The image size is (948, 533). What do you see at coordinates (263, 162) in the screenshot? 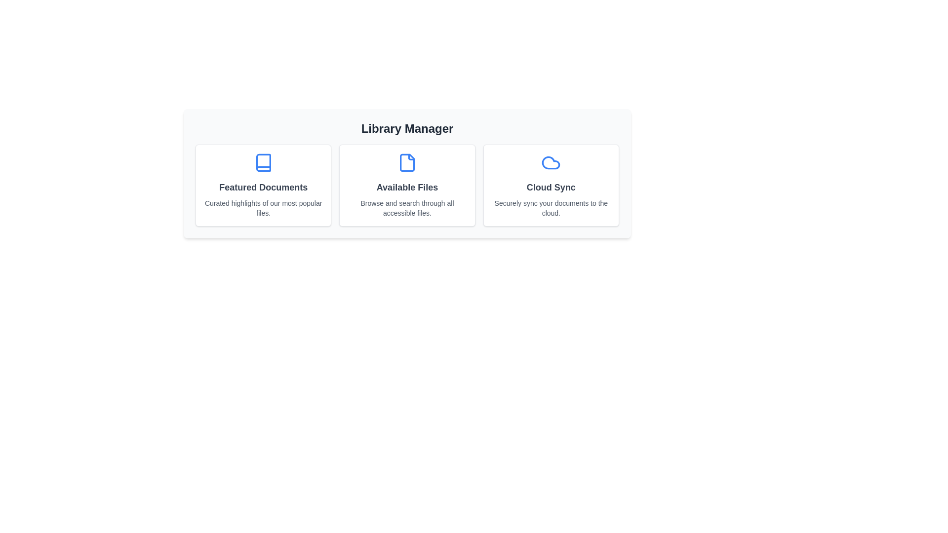
I see `the icon representing Featured Documents` at bounding box center [263, 162].